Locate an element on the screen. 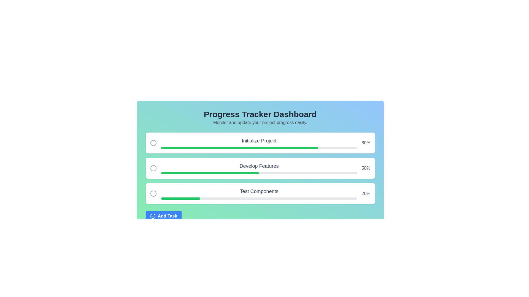 Image resolution: width=529 pixels, height=297 pixels. the circular icon with a thin light gray outline, indicating an inactive state, located to the left of the 'Develop Features' text within the task progress card is located at coordinates (153, 168).